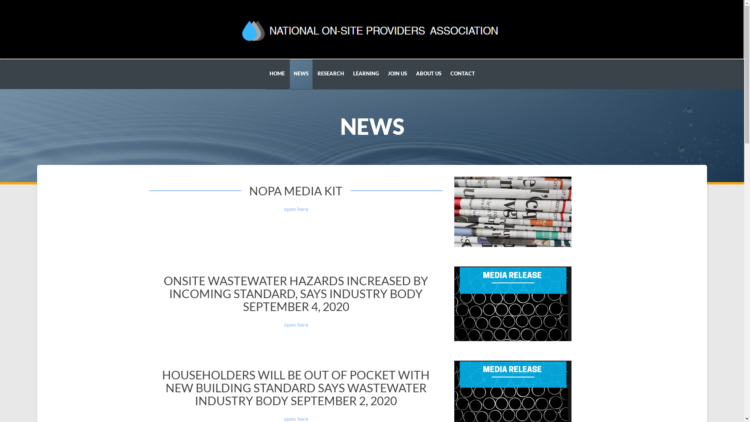  Describe the element at coordinates (462, 74) in the screenshot. I see `'CONTACT'` at that location.